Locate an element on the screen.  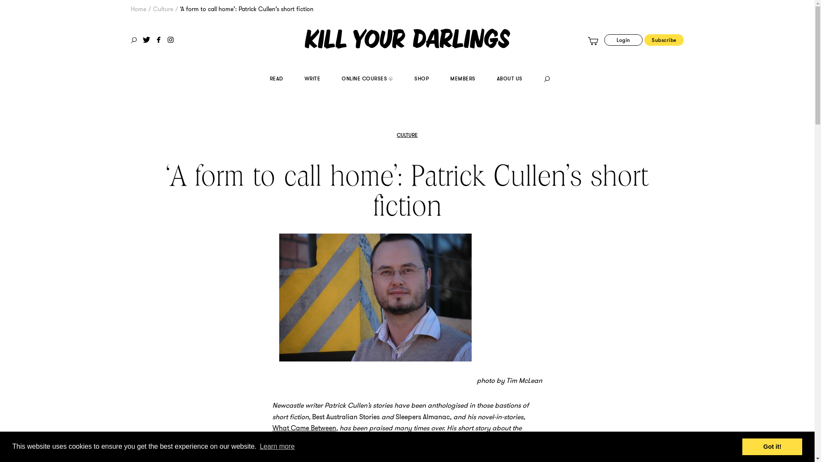
'MEMBERS' is located at coordinates (462, 80).